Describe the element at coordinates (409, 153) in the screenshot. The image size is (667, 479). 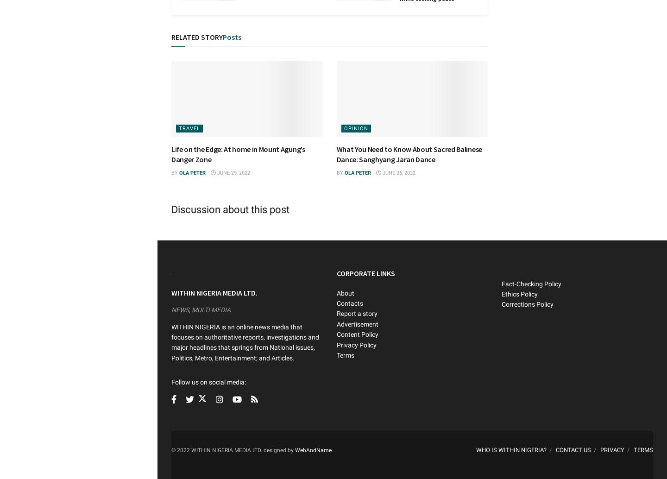
I see `'What You Need to Know About Sacred Balinese Dance: Sanghyang Jaran Dance'` at that location.